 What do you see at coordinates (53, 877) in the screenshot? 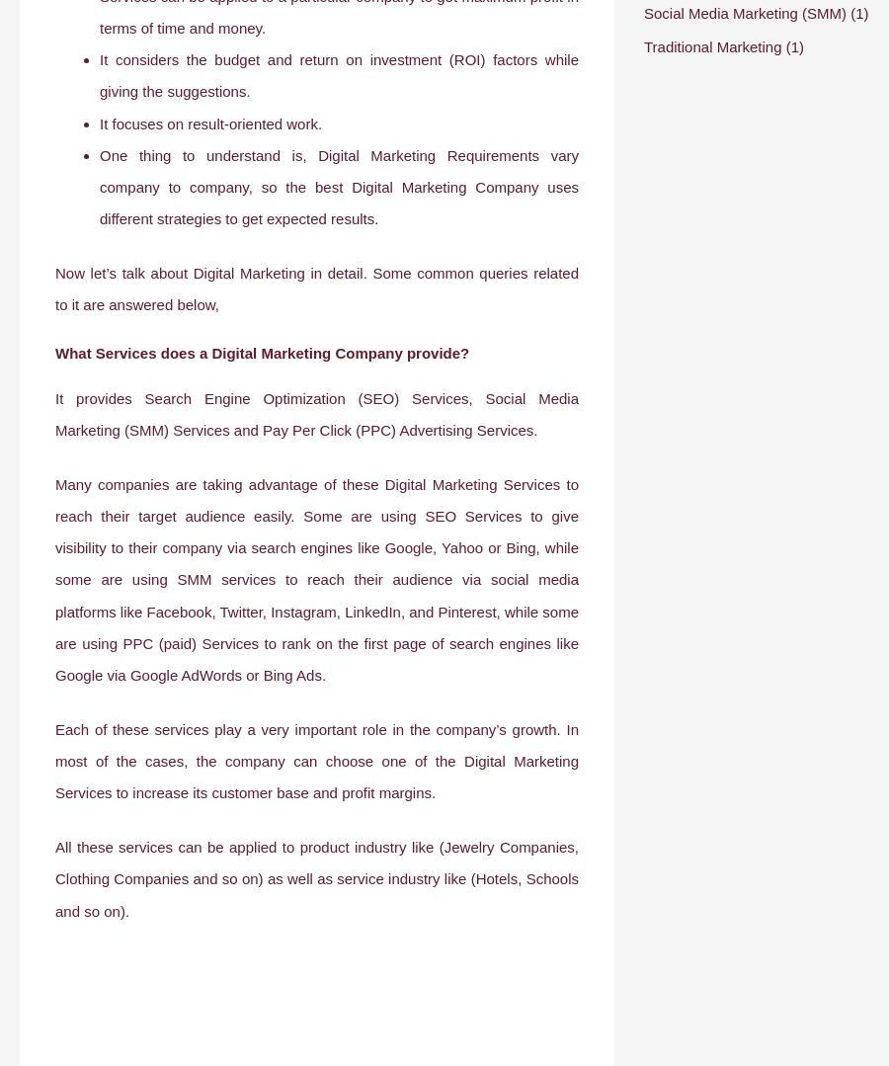
I see `'All these services can be applied to product industry like (Jewelry Companies, Clothing Companies and so on) as well as service industry like (Hotels, Schools and so on).'` at bounding box center [53, 877].